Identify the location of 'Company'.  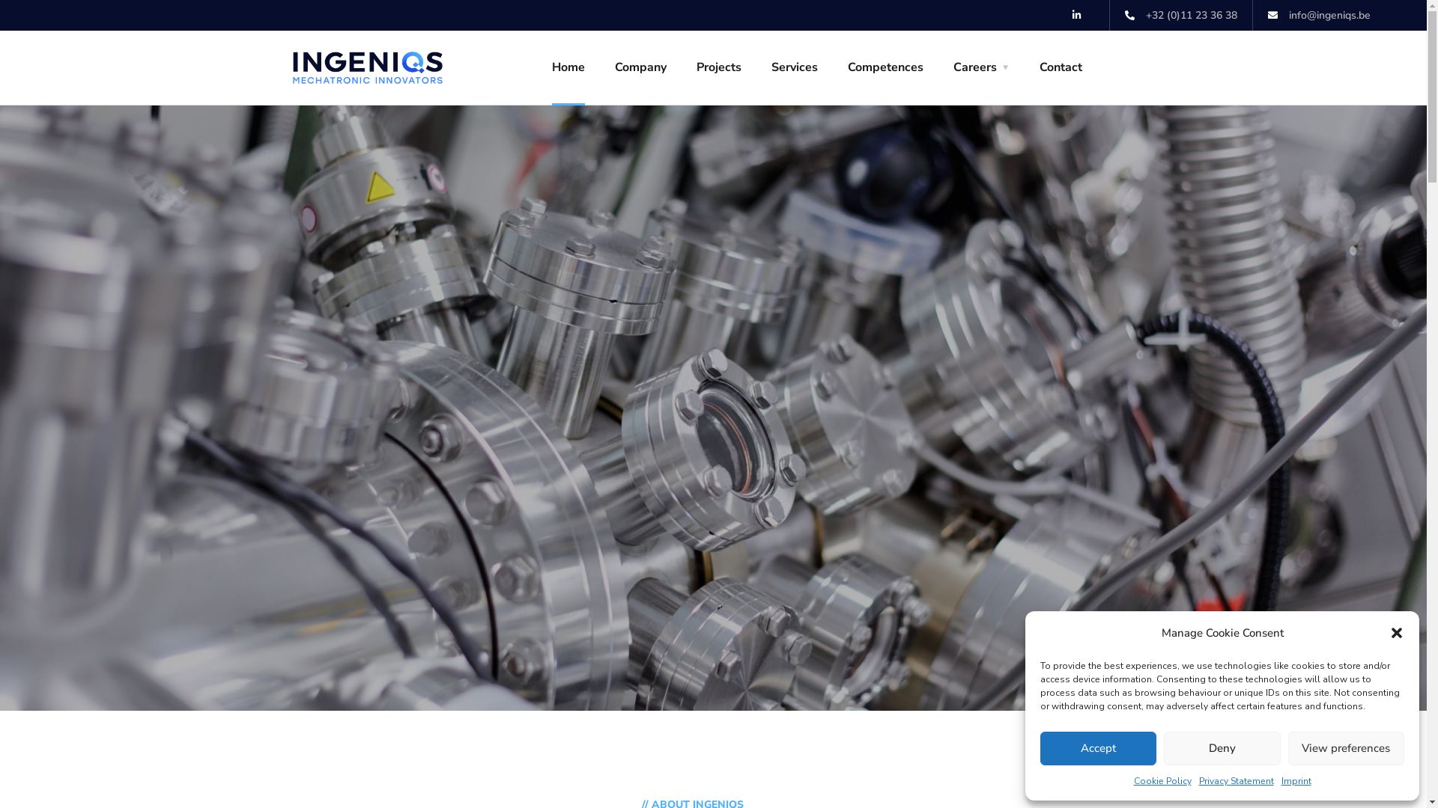
(640, 67).